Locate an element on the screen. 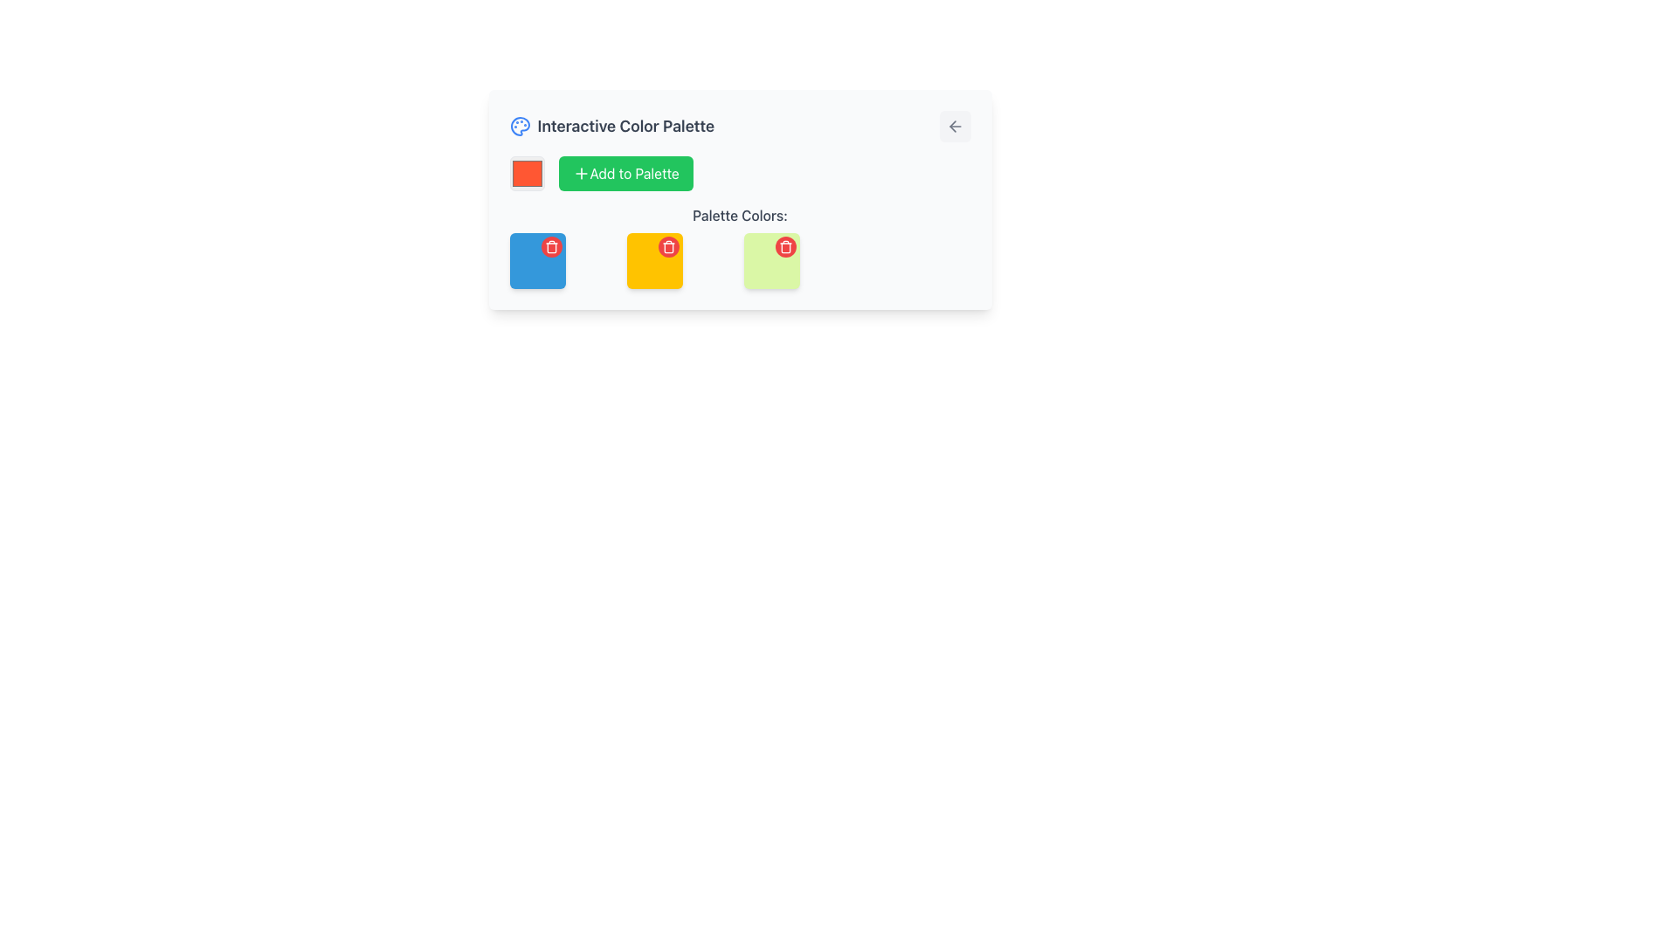  the trash icon button for deletion located at the top-right corner of the interactive buttons in the 'Palette Colors' section is located at coordinates (784, 246).